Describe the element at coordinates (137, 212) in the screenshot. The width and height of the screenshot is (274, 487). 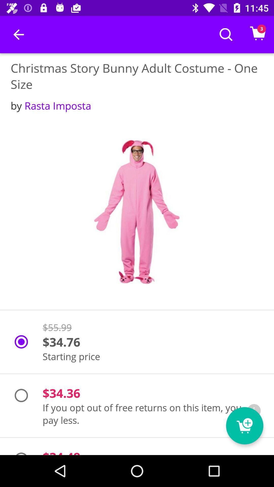
I see `display picture` at that location.